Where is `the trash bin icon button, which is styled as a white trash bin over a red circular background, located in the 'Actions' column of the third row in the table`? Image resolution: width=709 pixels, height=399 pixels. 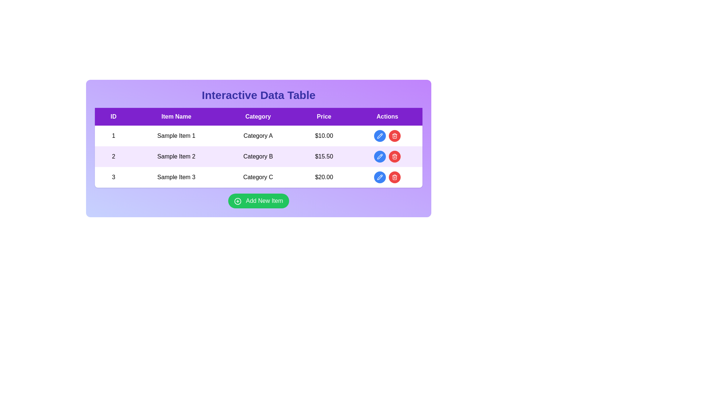
the trash bin icon button, which is styled as a white trash bin over a red circular background, located in the 'Actions' column of the third row in the table is located at coordinates (394, 177).